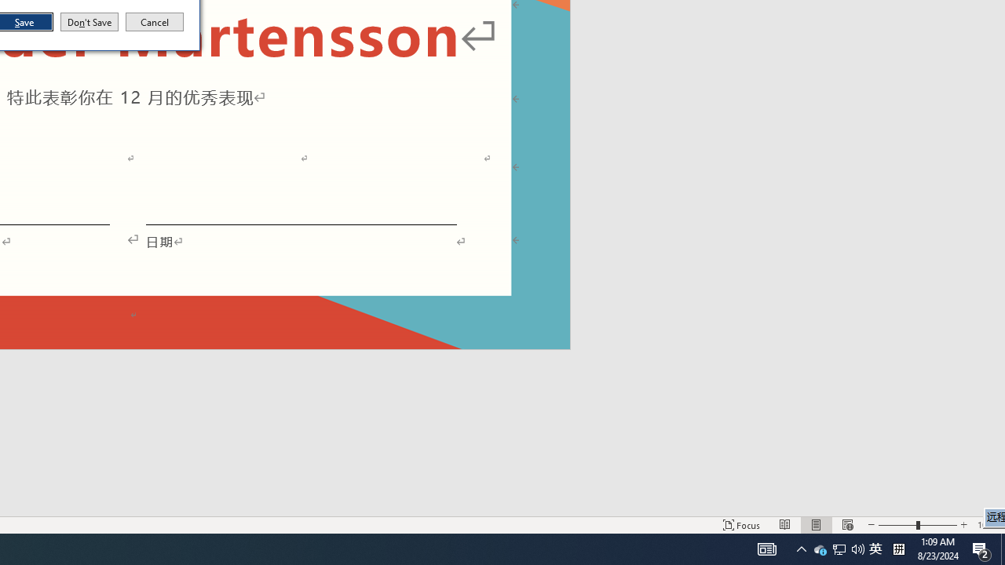 The width and height of the screenshot is (1005, 565). What do you see at coordinates (767, 548) in the screenshot?
I see `'AutomationID: 4105'` at bounding box center [767, 548].